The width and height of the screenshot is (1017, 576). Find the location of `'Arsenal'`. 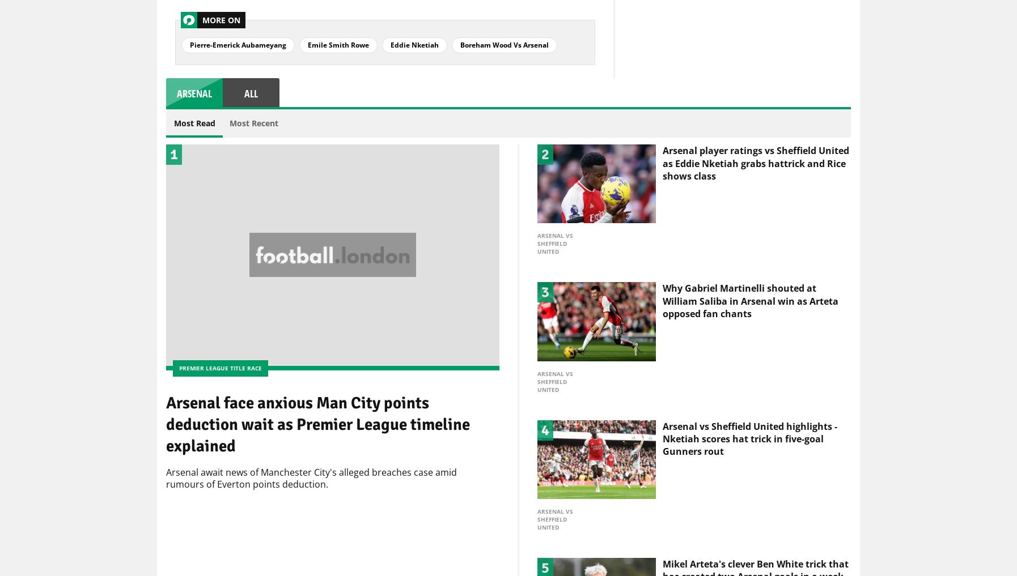

'Arsenal' is located at coordinates (194, 93).